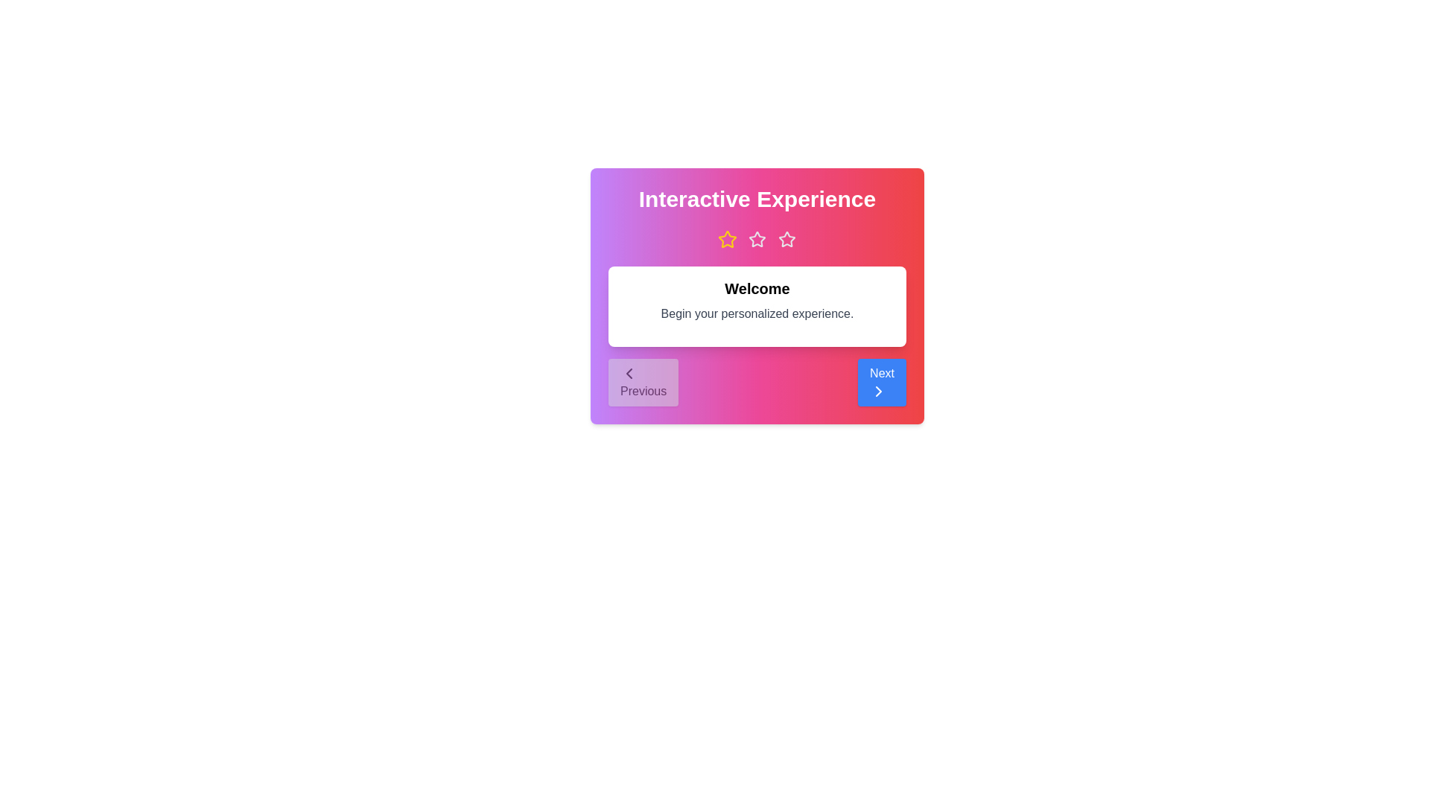 Image resolution: width=1430 pixels, height=804 pixels. I want to click on the 'Next' button to navigate to the next step, so click(882, 381).